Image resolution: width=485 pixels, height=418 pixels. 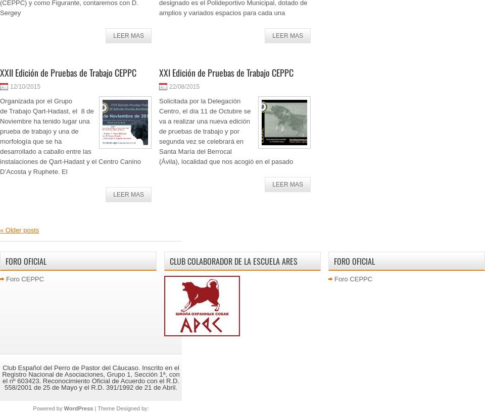 I want to click on 'Club Colaborador de la Escuela ARES', so click(x=233, y=260).